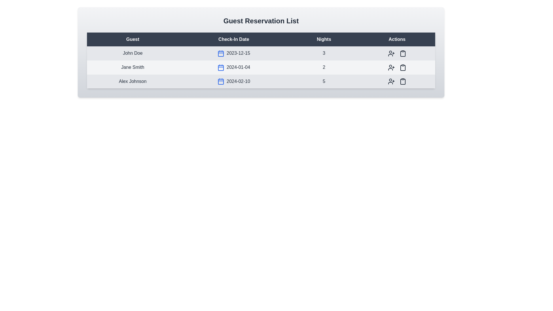 The image size is (553, 311). Describe the element at coordinates (402, 67) in the screenshot. I see `the clipboard icon button in the second row of the table for 'Jane Smith'` at that location.